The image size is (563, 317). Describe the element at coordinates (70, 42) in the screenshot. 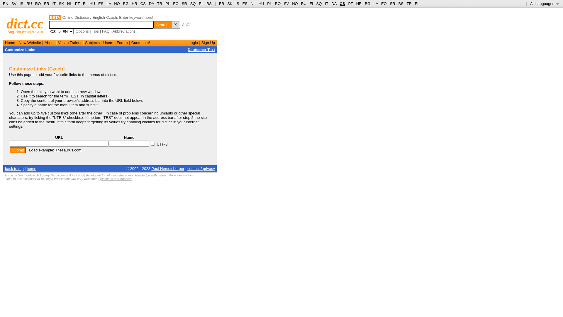

I see `'Vocab Trainer'` at that location.